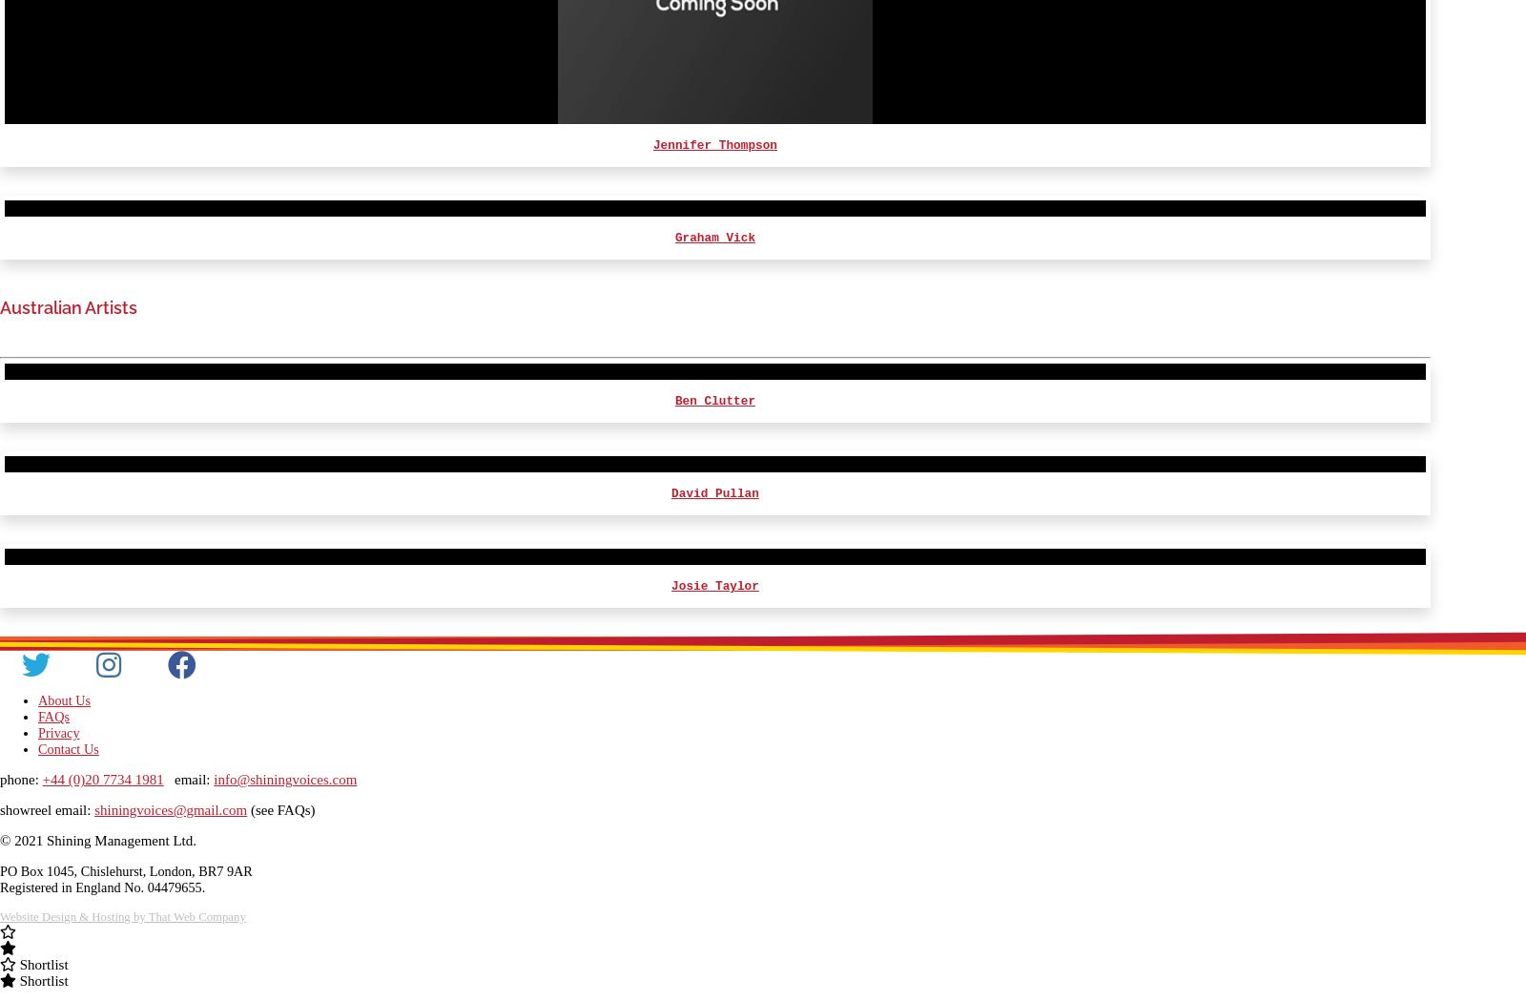  Describe the element at coordinates (1408, 169) in the screenshot. I see `'4'` at that location.